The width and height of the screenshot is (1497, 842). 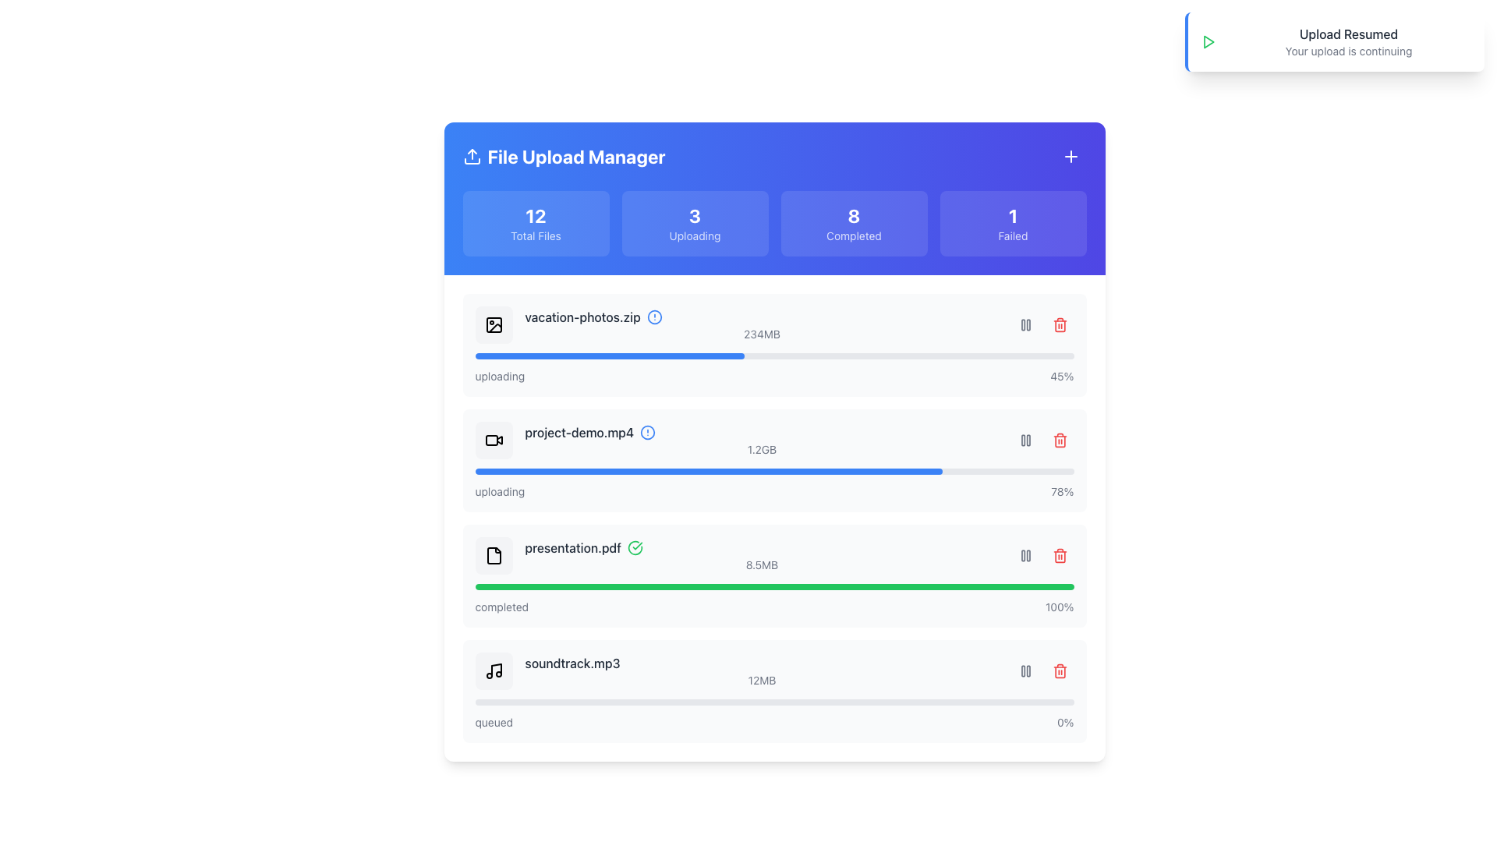 I want to click on the circular visual marker outlined in blue, which is located next to the file name 'vacation-photos.zip' in the file uploader interface, so click(x=654, y=317).